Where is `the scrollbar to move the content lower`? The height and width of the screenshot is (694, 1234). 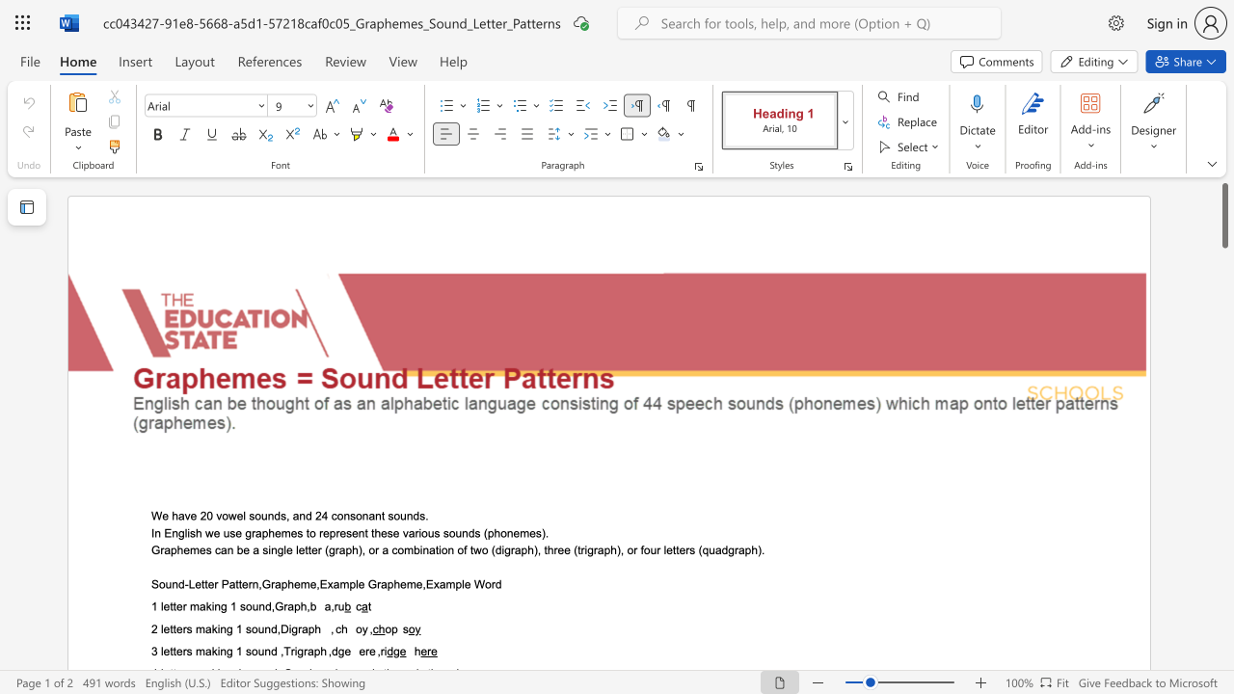 the scrollbar to move the content lower is located at coordinates (1223, 472).